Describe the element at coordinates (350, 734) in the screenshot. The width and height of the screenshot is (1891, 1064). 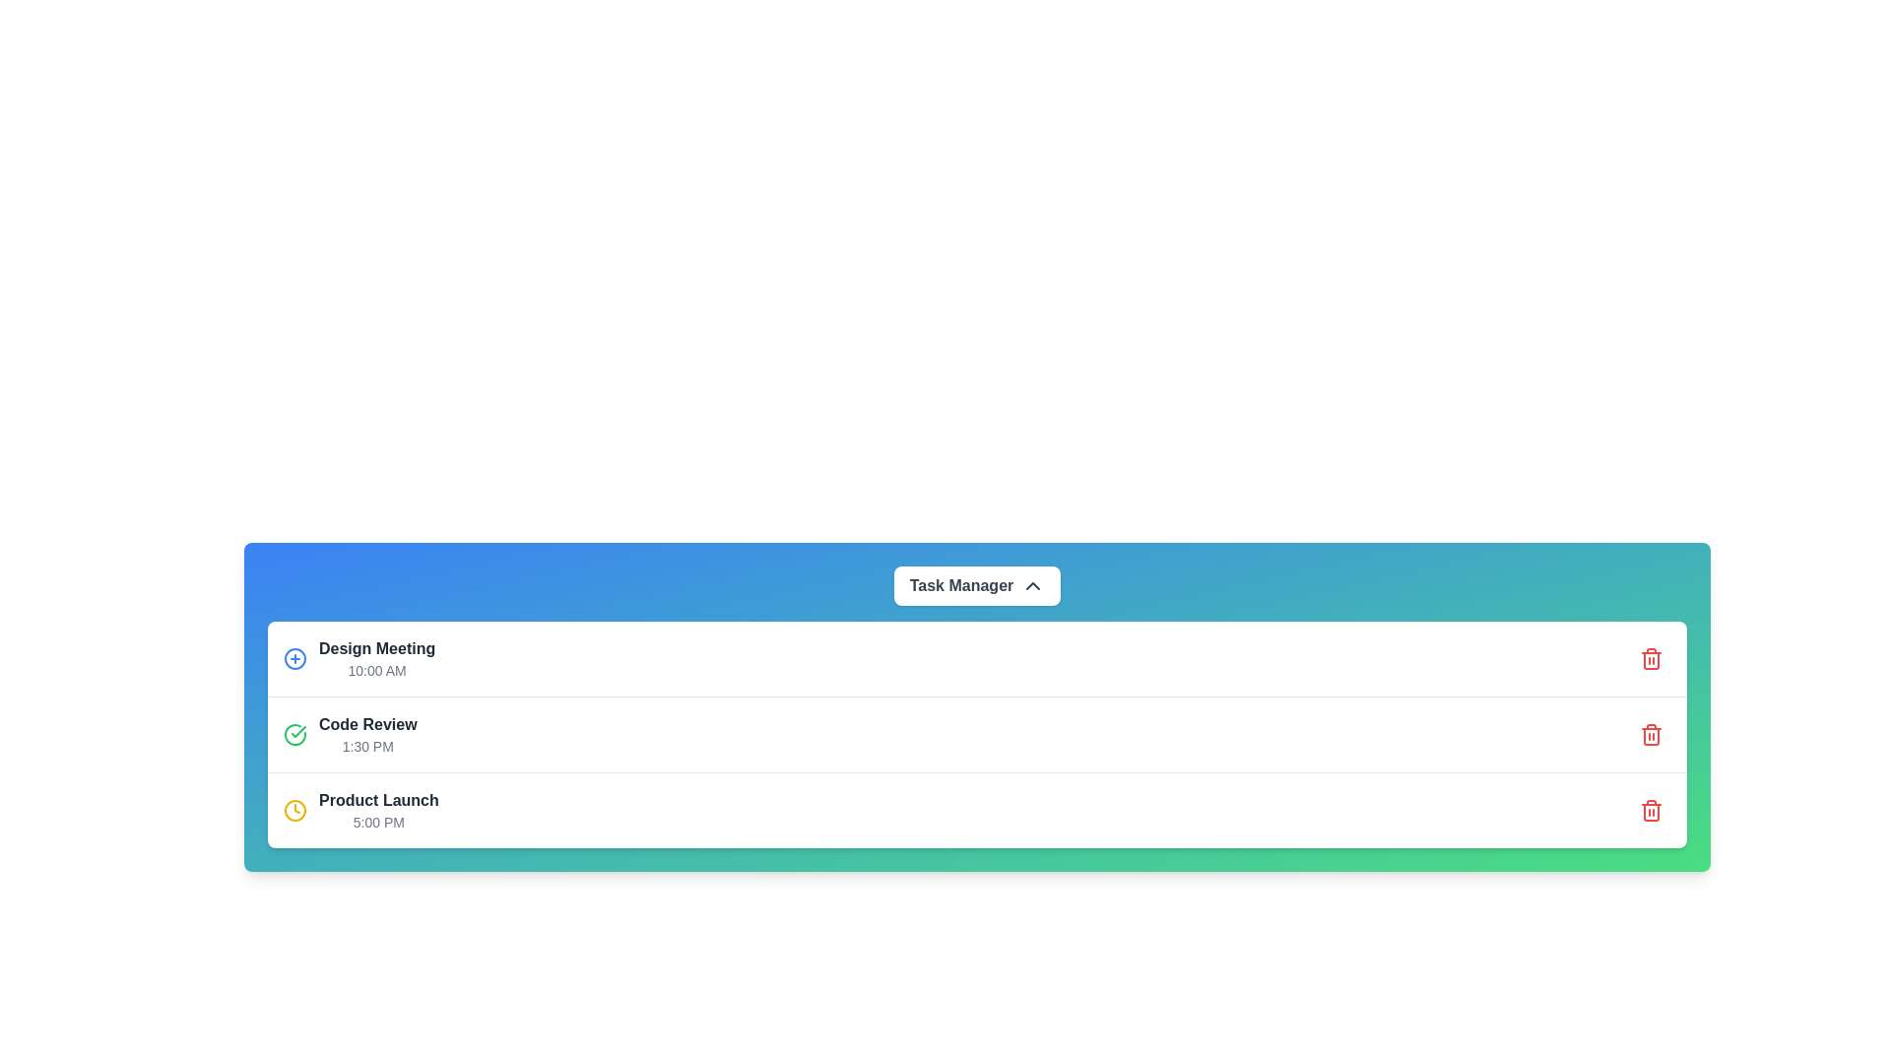
I see `displayed information from the Labeled List Item element titled 'Code Review' which includes the time '1:30 PM' and a green checkmark icon` at that location.